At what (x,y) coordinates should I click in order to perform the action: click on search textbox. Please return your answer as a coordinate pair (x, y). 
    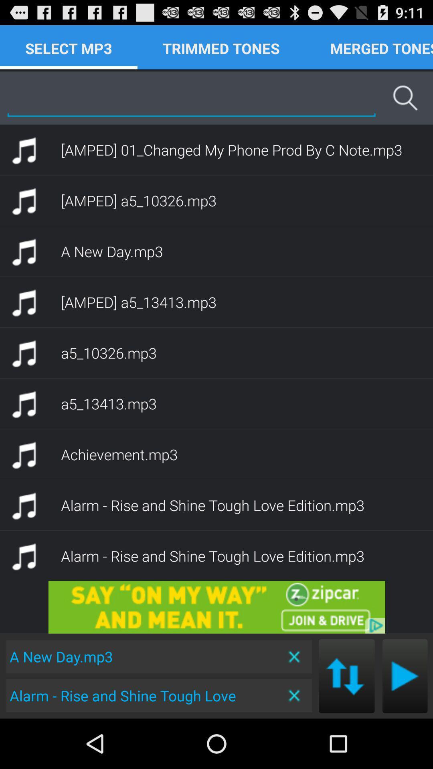
    Looking at the image, I should click on (191, 97).